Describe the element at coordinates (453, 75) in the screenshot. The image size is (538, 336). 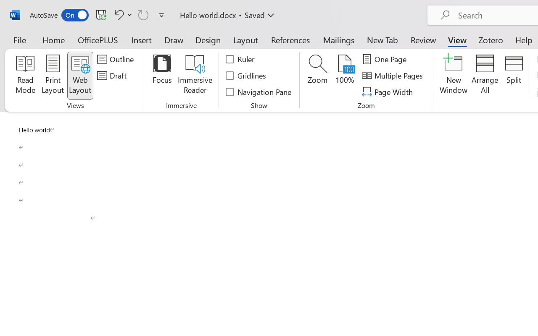
I see `'New Window'` at that location.